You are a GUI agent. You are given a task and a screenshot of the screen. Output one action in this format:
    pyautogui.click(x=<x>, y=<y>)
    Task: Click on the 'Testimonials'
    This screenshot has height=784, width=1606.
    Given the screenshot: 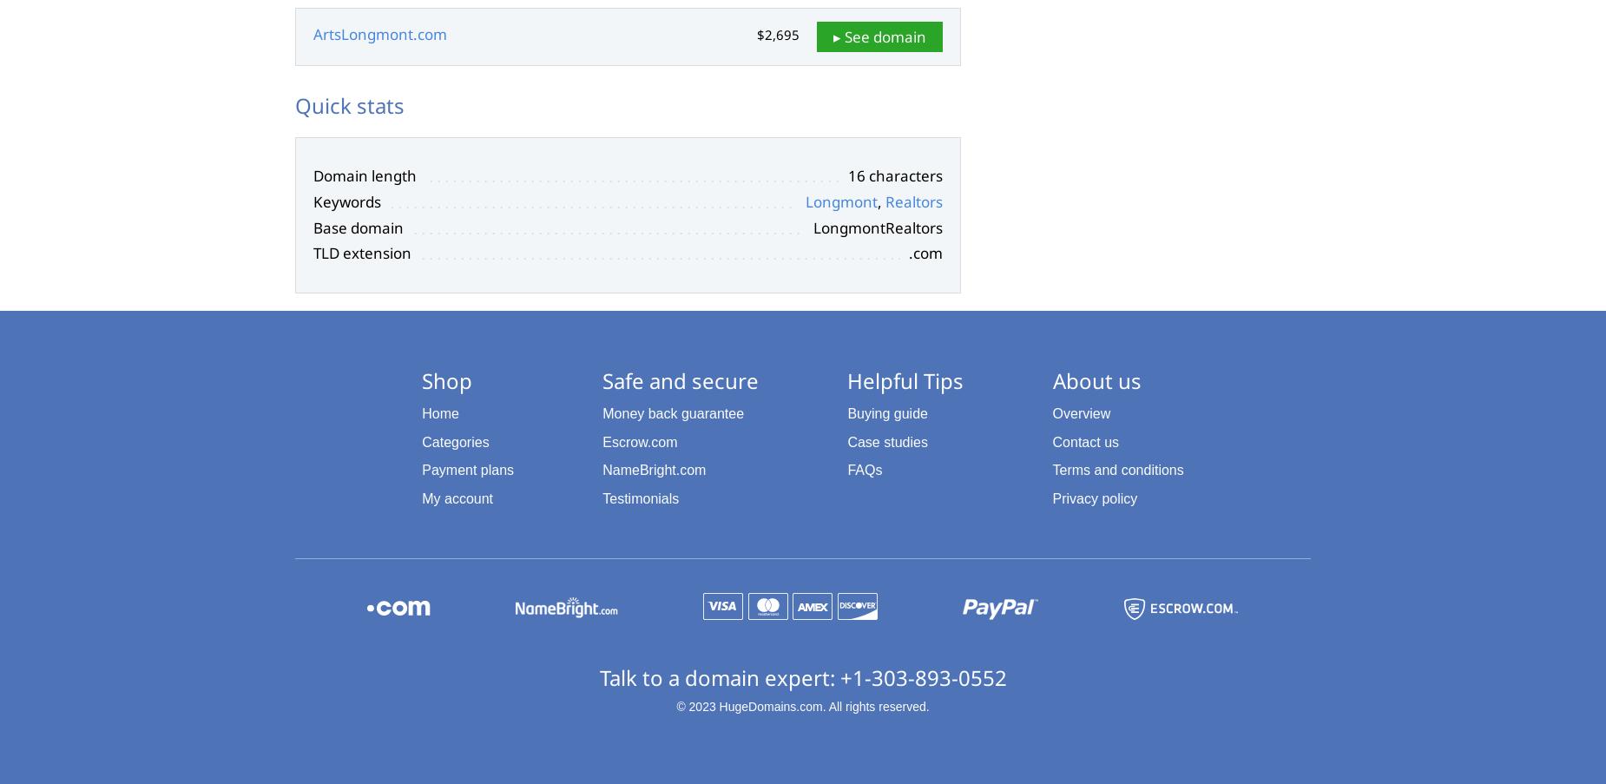 What is the action you would take?
    pyautogui.click(x=640, y=497)
    